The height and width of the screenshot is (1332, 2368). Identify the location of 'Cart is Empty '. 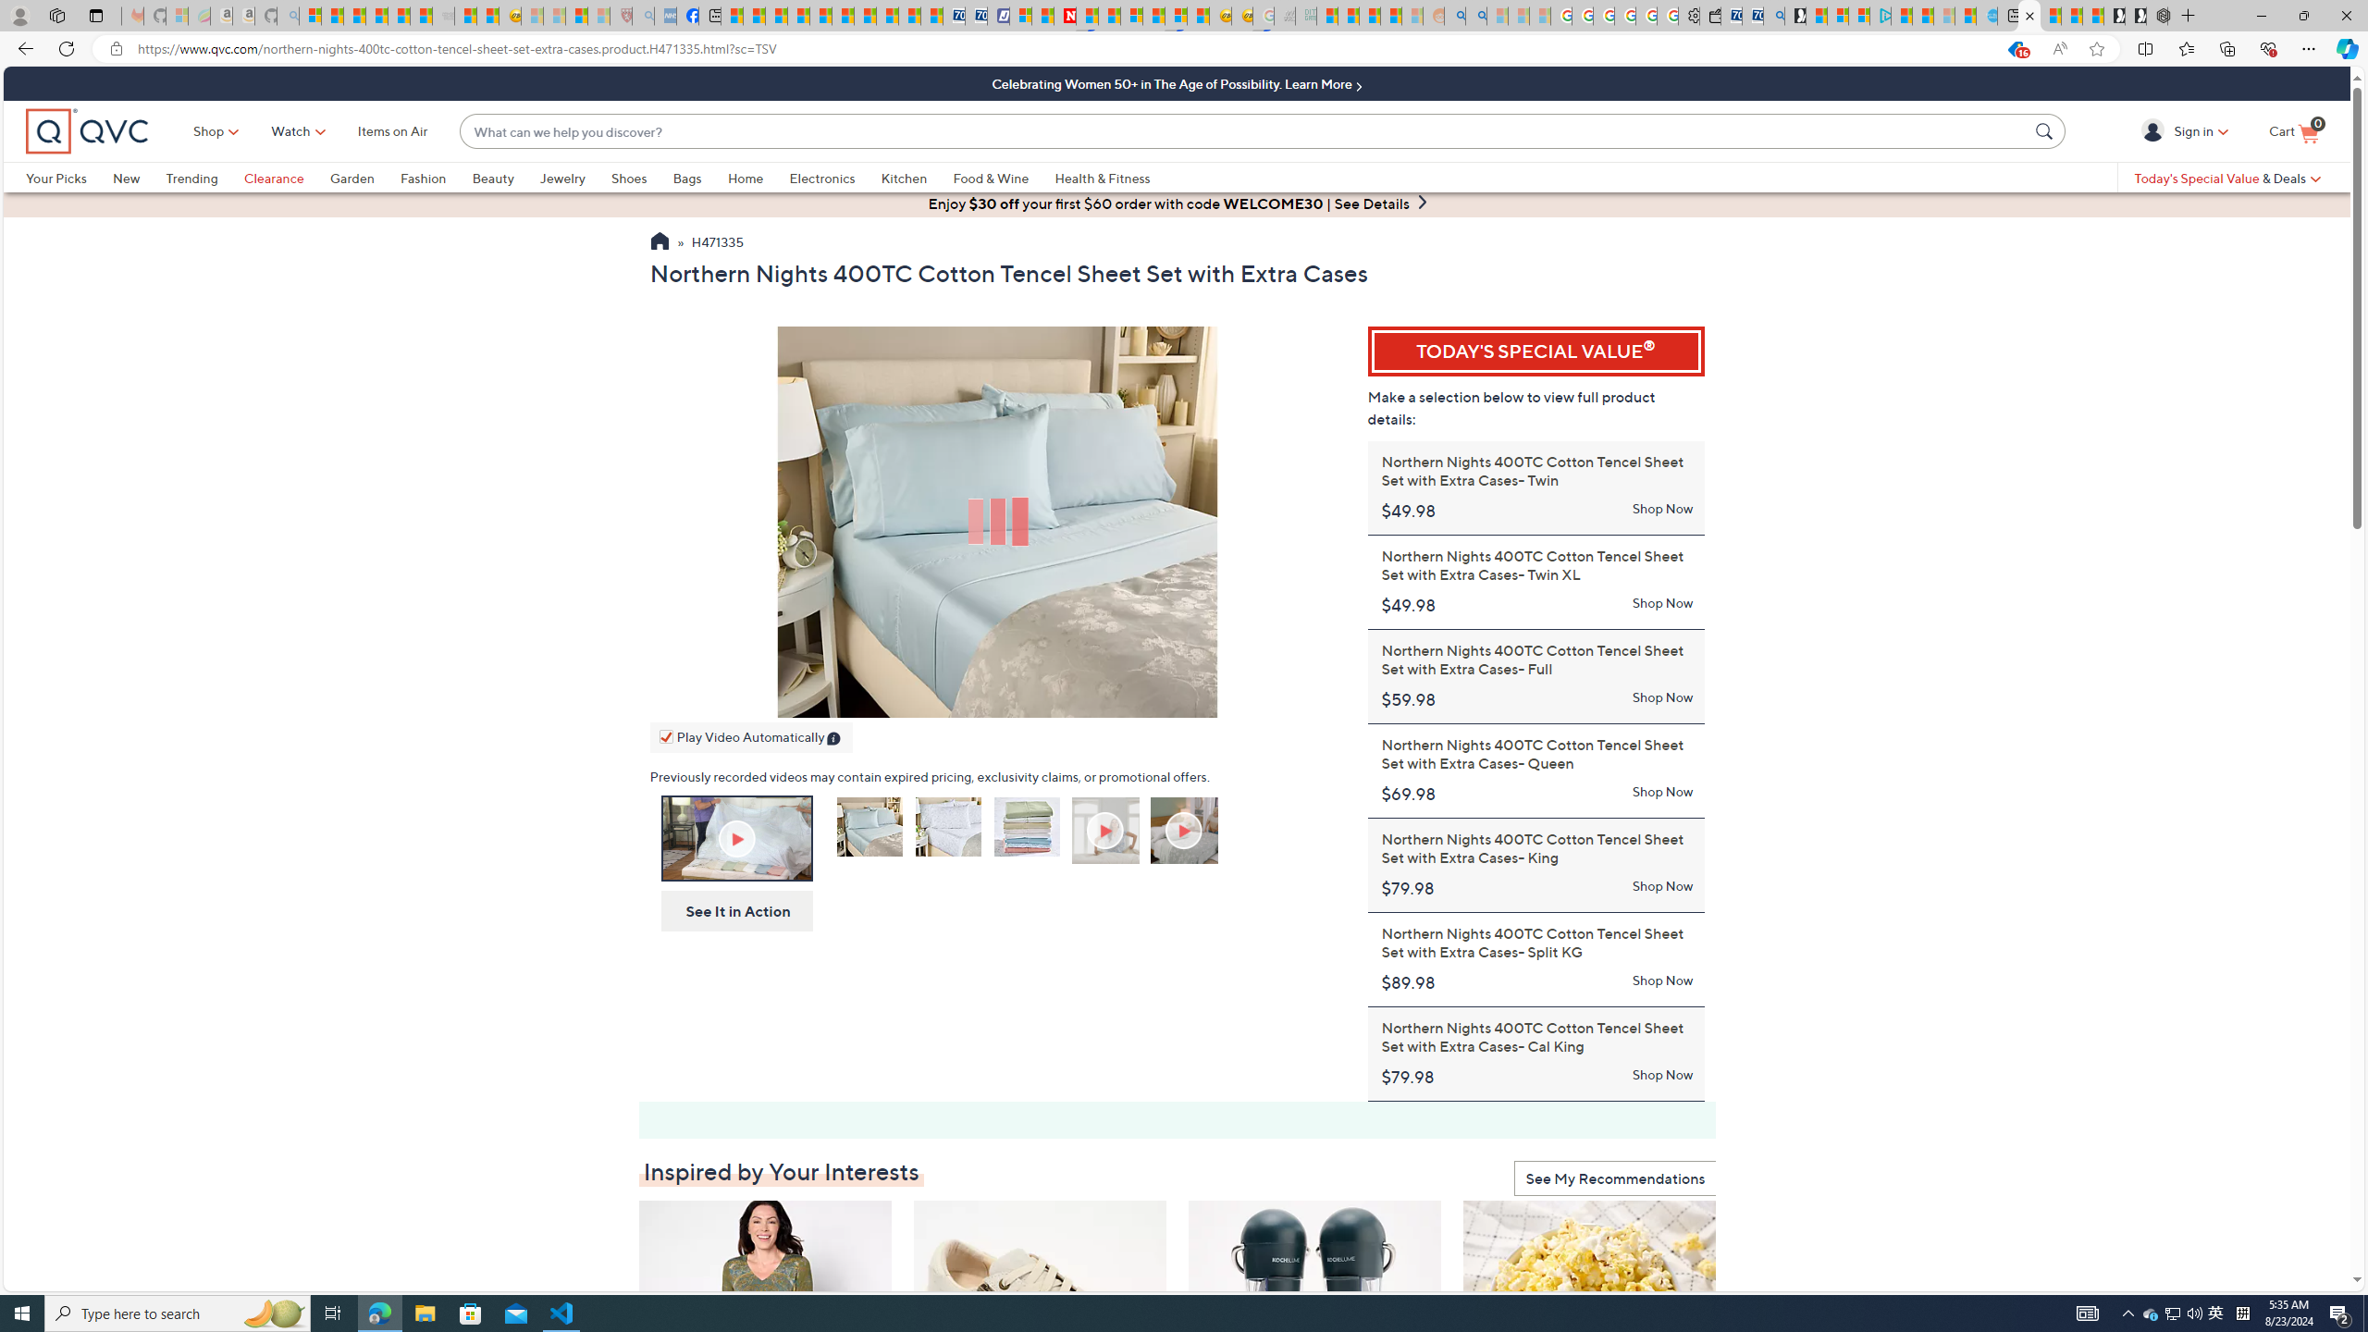
(2292, 131).